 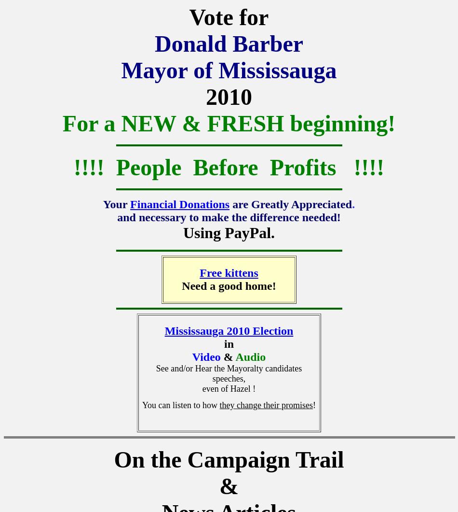 What do you see at coordinates (188, 17) in the screenshot?
I see `'Vote for'` at bounding box center [188, 17].